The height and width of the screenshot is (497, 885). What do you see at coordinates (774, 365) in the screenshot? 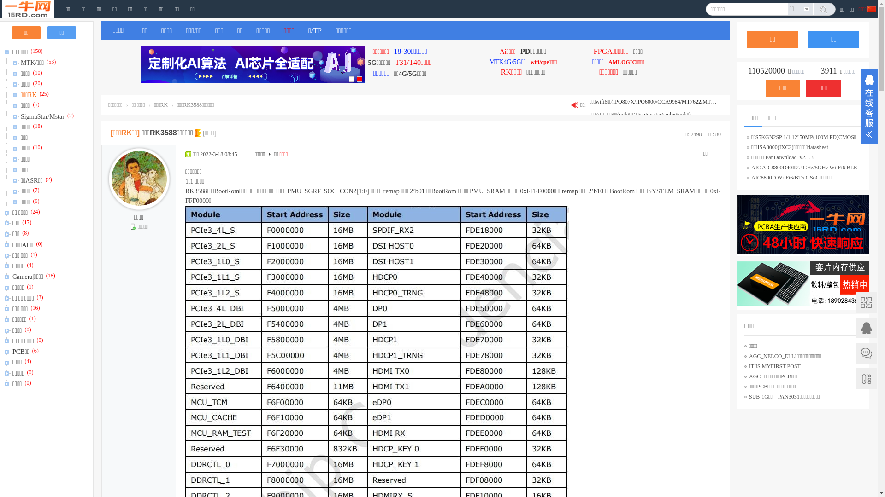
I see `'IT IS MYFIRST POST'` at bounding box center [774, 365].